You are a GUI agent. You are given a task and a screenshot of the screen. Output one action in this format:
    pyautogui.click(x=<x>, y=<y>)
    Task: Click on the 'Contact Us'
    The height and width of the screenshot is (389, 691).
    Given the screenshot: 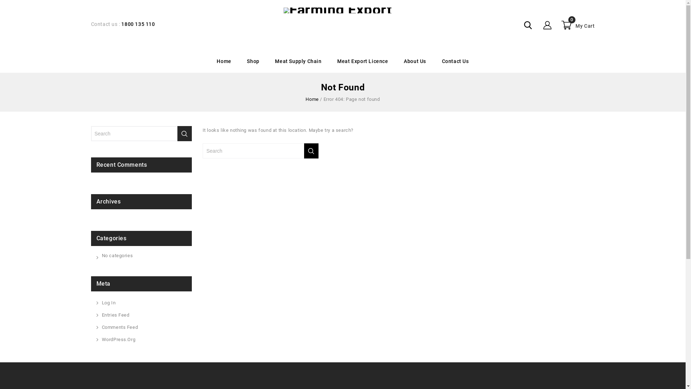 What is the action you would take?
    pyautogui.click(x=455, y=61)
    